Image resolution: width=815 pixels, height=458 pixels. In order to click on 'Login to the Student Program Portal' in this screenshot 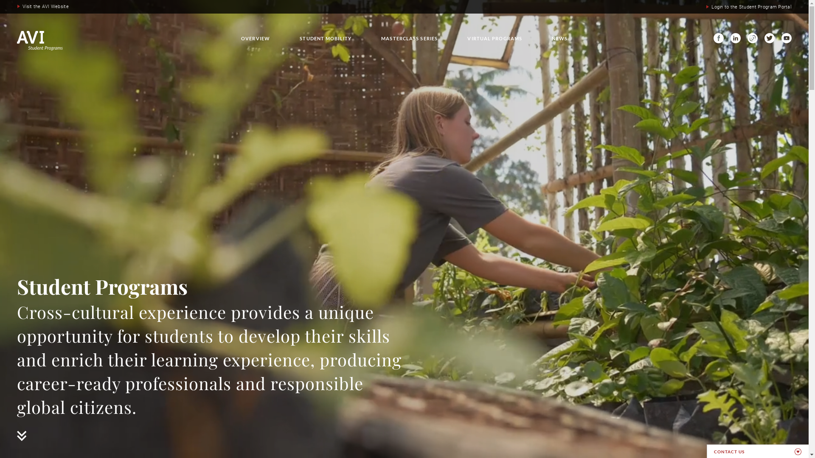, I will do `click(748, 7)`.